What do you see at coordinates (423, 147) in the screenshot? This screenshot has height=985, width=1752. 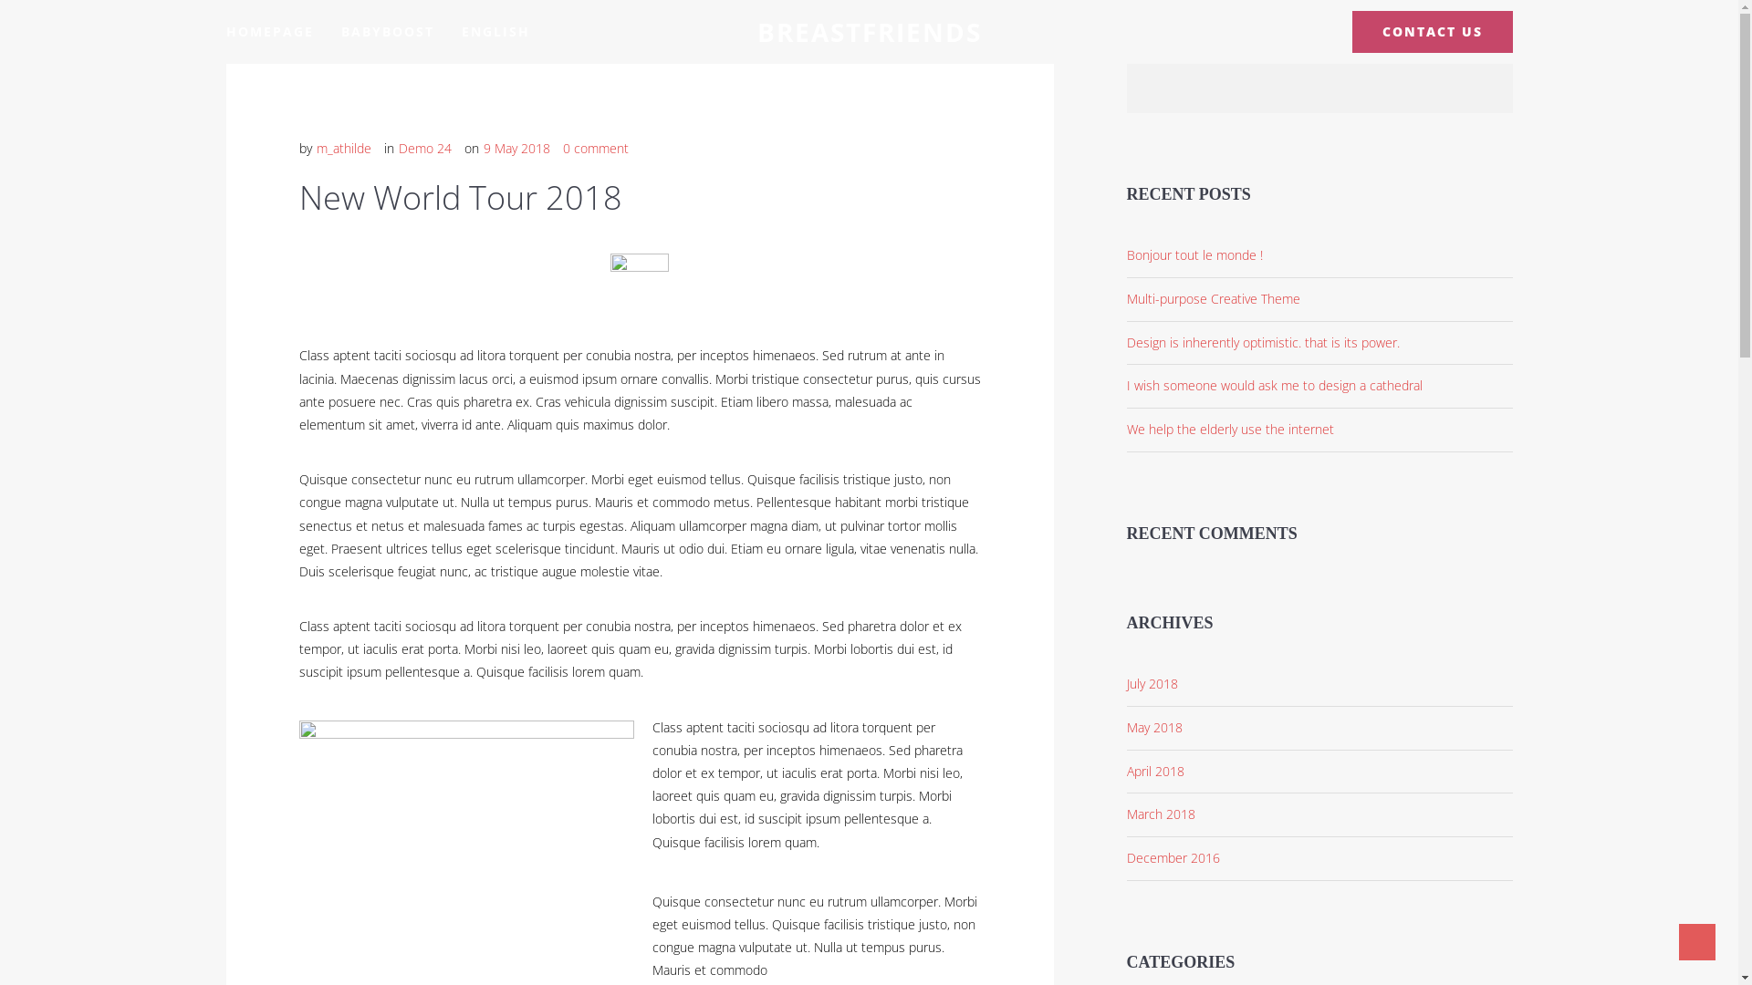 I see `'Demo 24'` at bounding box center [423, 147].